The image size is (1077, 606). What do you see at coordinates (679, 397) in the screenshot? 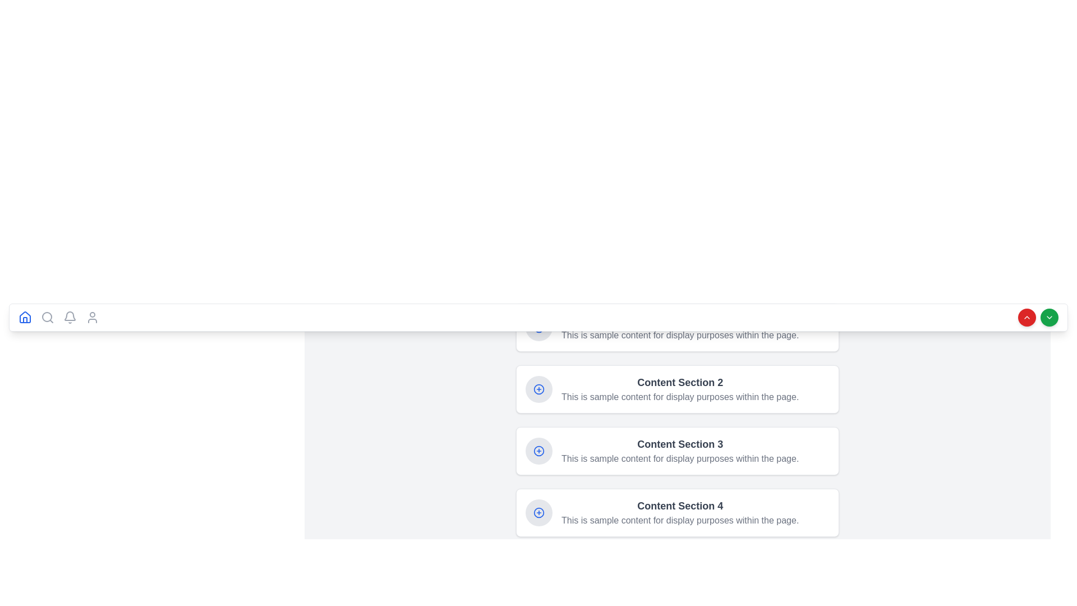
I see `the static text element stating 'This is sample content for display purposes within the page.', which is styled in light gray color and positioned just below the 'Content Section 2' title` at bounding box center [679, 397].